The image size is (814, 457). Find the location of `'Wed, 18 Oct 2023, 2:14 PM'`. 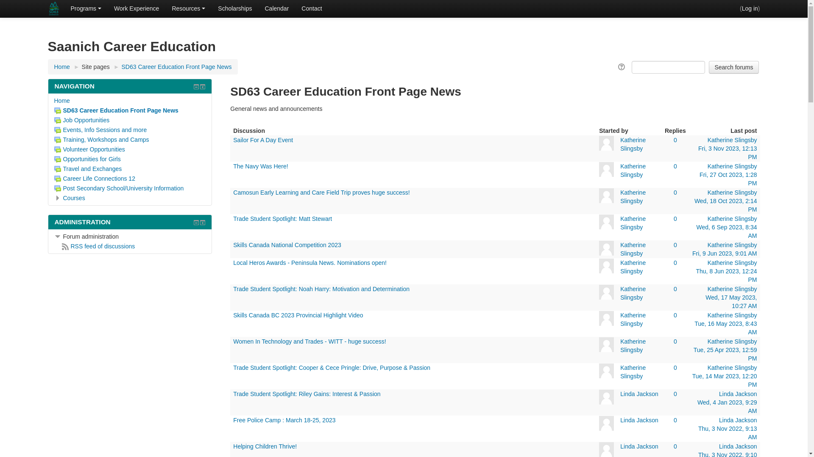

'Wed, 18 Oct 2023, 2:14 PM' is located at coordinates (725, 205).